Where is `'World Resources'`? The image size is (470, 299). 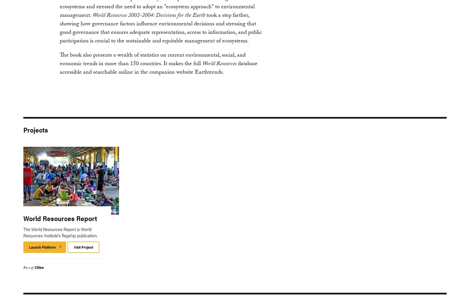 'World Resources' is located at coordinates (219, 64).